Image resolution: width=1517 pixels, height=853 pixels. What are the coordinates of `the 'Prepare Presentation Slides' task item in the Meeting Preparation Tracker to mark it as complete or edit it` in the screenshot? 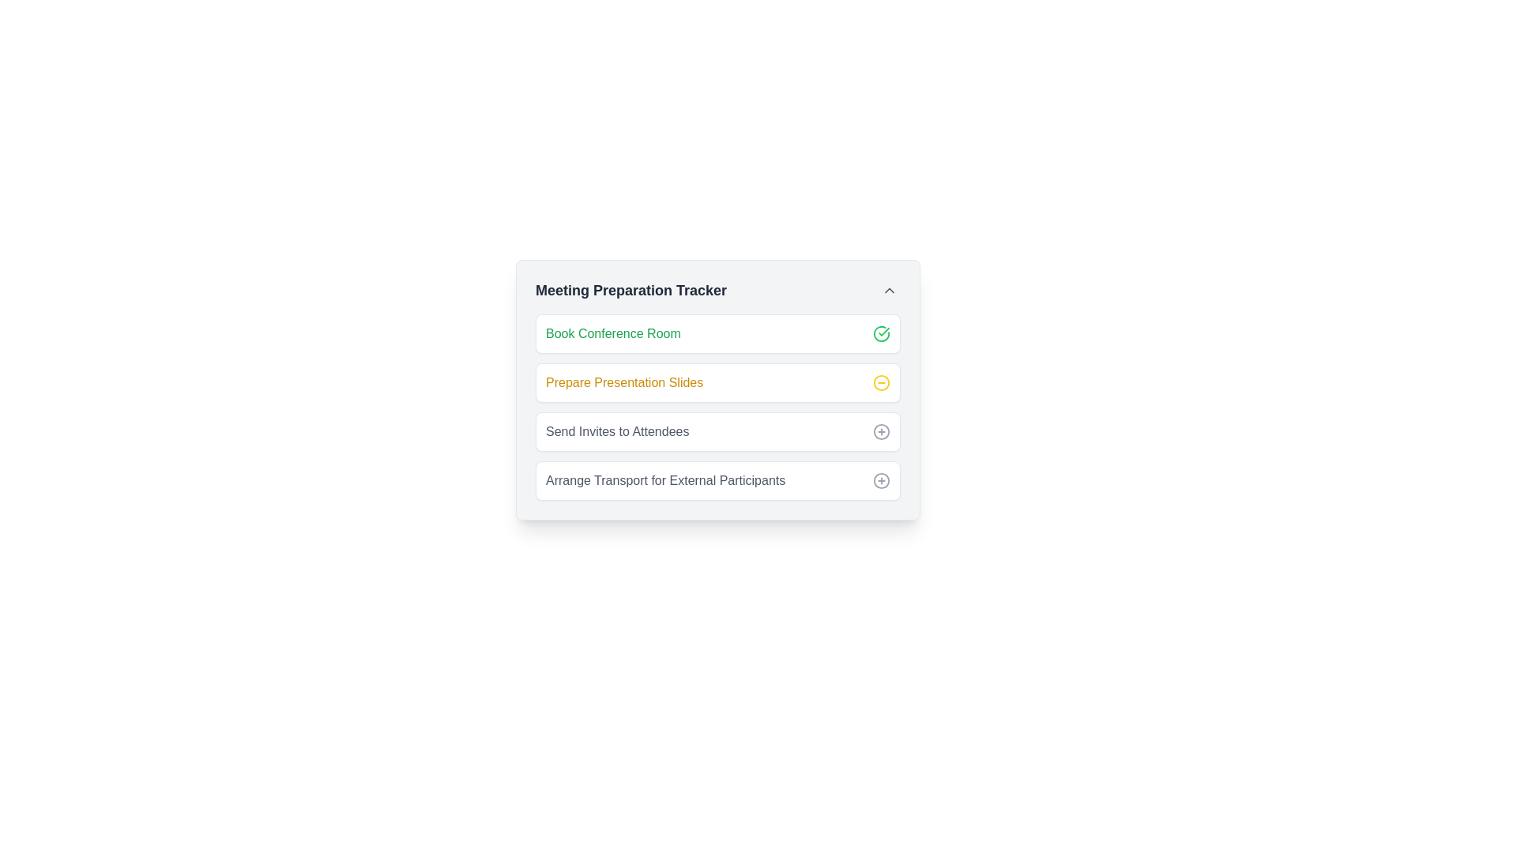 It's located at (717, 407).